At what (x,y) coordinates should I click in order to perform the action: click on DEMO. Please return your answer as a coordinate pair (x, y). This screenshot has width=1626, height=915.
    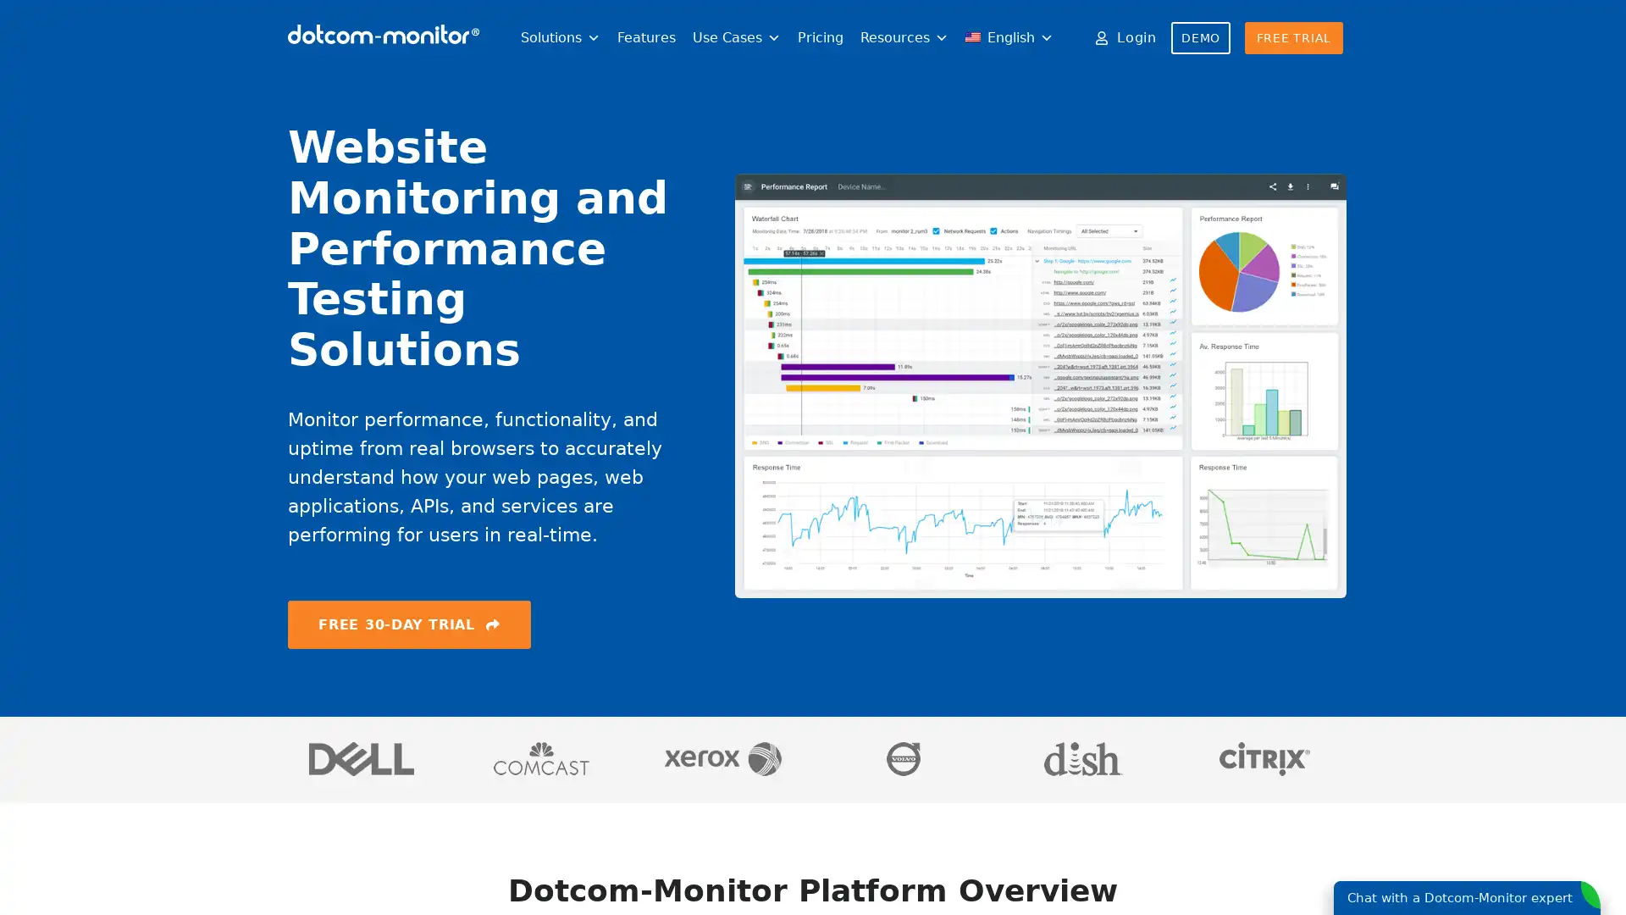
    Looking at the image, I should click on (1199, 38).